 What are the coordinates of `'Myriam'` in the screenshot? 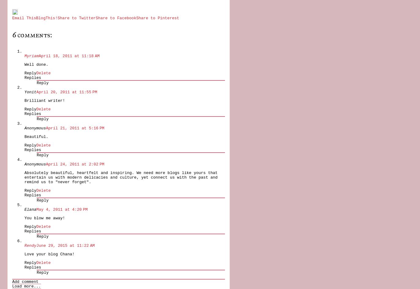 It's located at (31, 56).